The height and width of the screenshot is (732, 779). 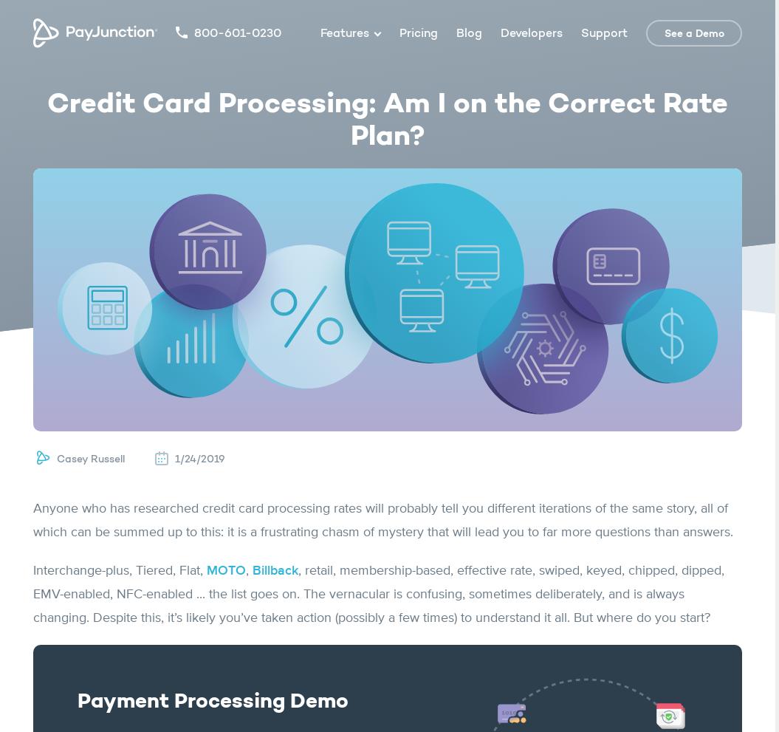 I want to click on 'Payment Processing Demo', so click(x=213, y=701).